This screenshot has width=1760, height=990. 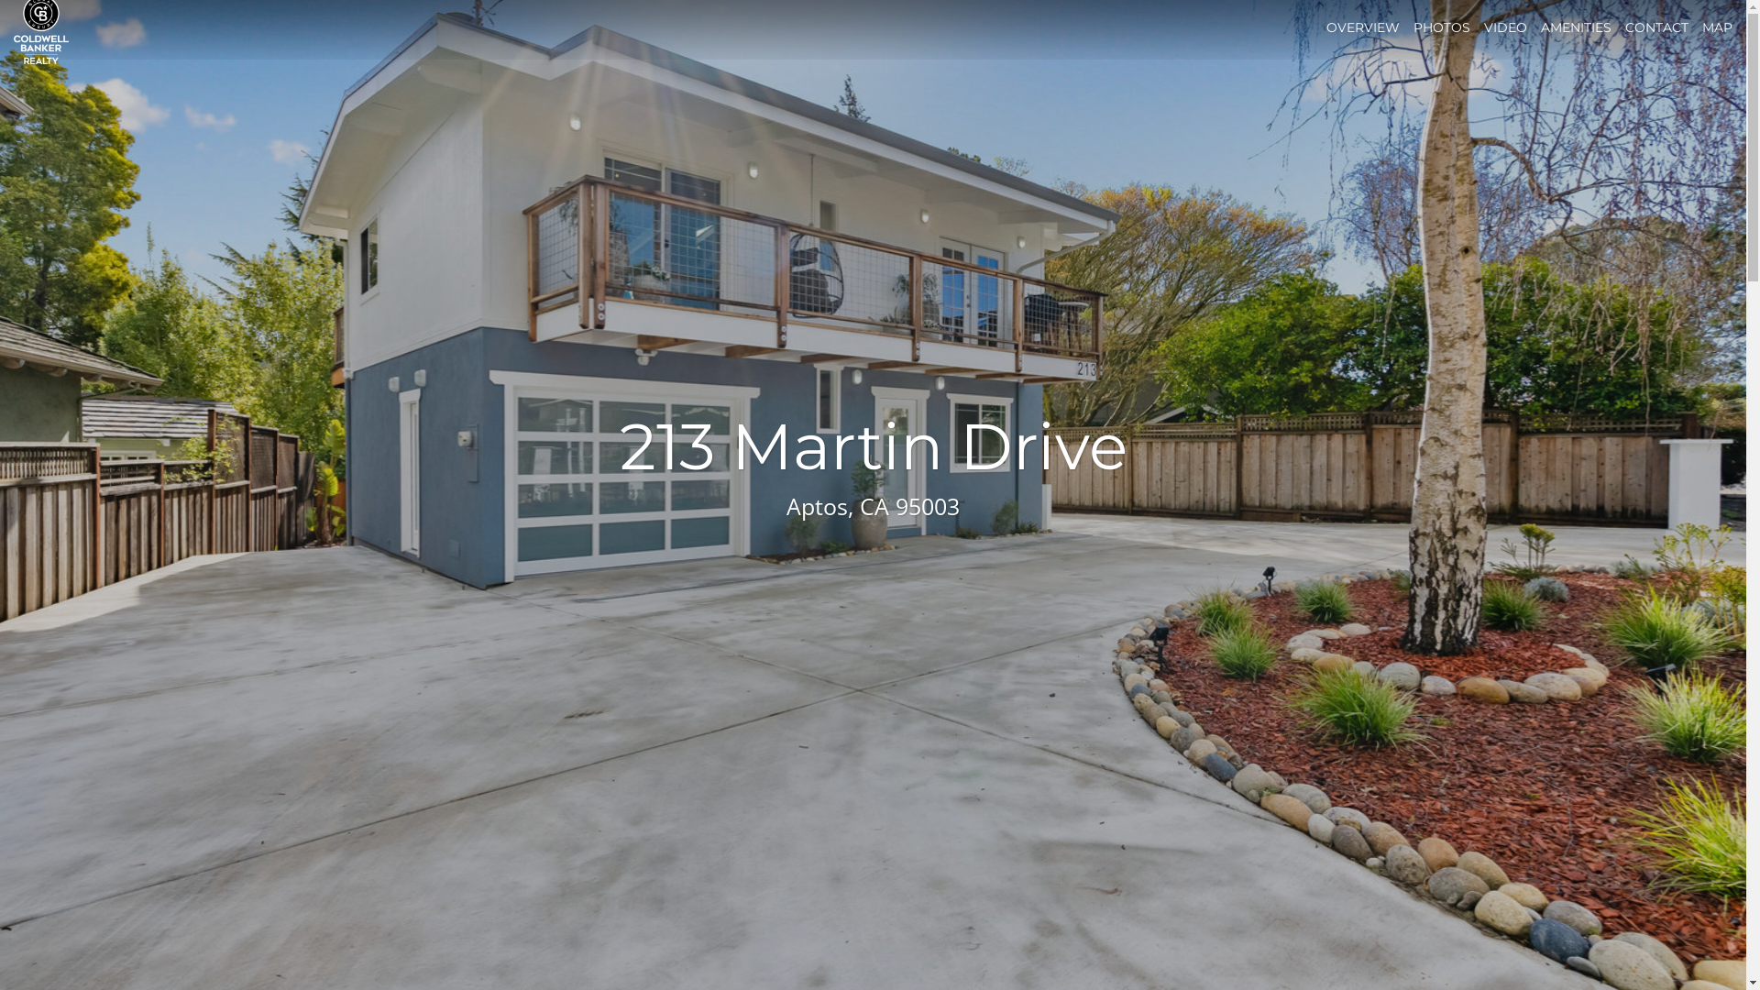 I want to click on 'MAP', so click(x=1716, y=27).